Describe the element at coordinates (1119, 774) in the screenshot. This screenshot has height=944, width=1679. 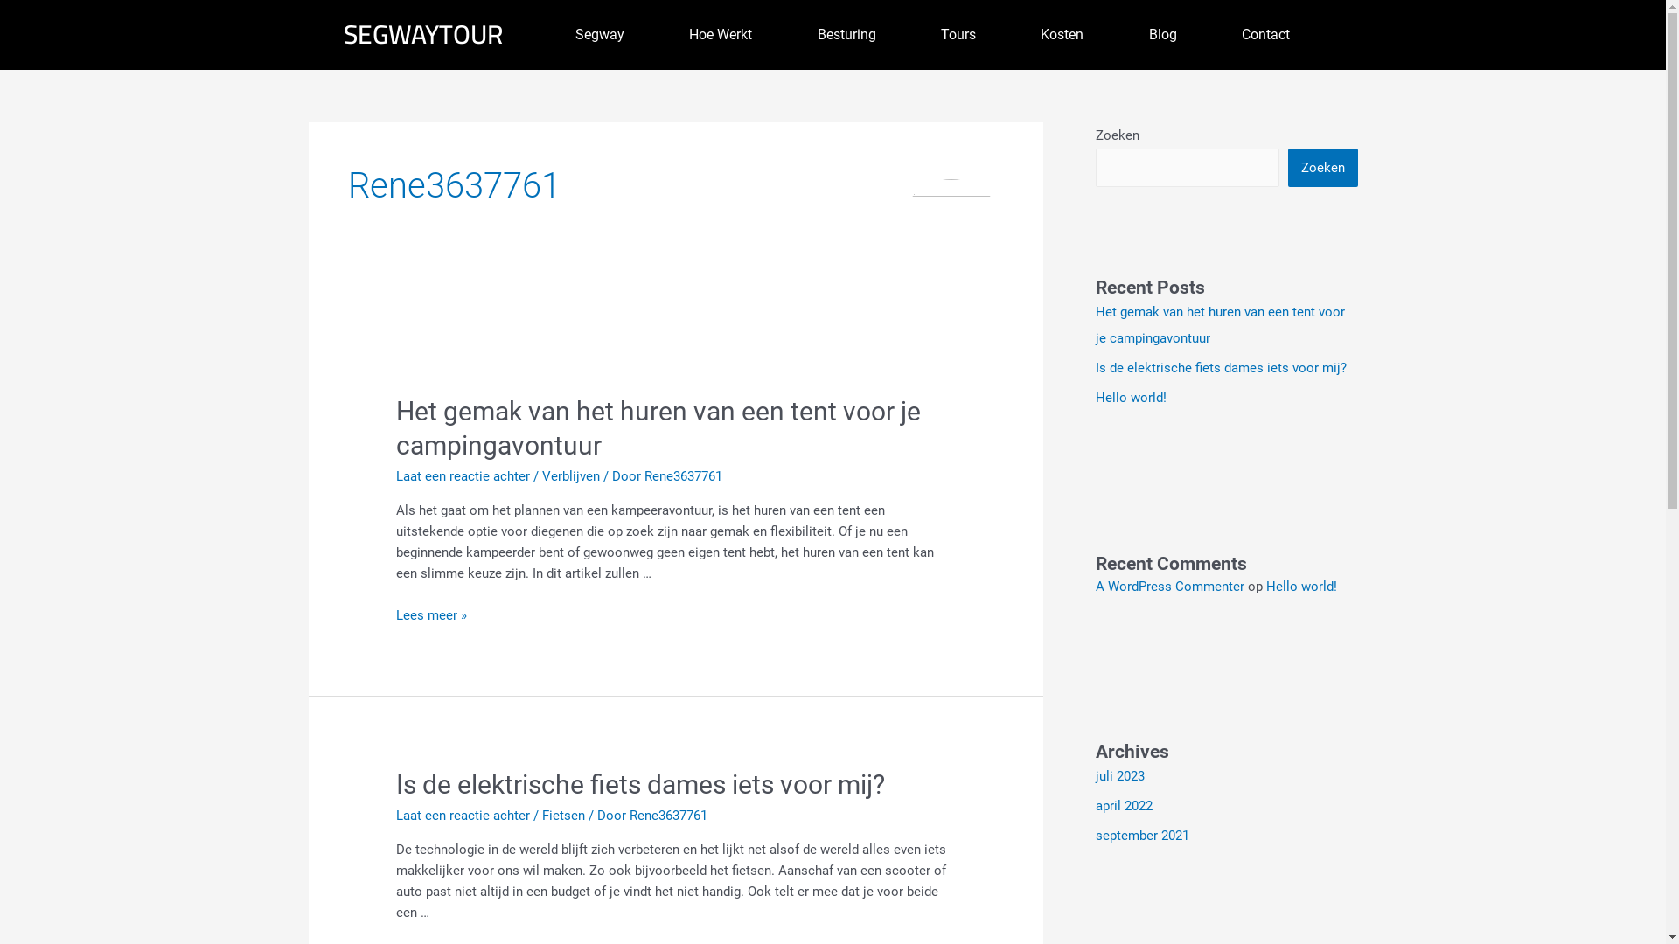
I see `'juli 2023'` at that location.